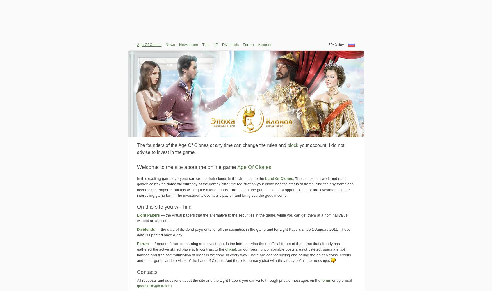 This screenshot has width=492, height=291. Describe the element at coordinates (230, 249) in the screenshot. I see `'official'` at that location.